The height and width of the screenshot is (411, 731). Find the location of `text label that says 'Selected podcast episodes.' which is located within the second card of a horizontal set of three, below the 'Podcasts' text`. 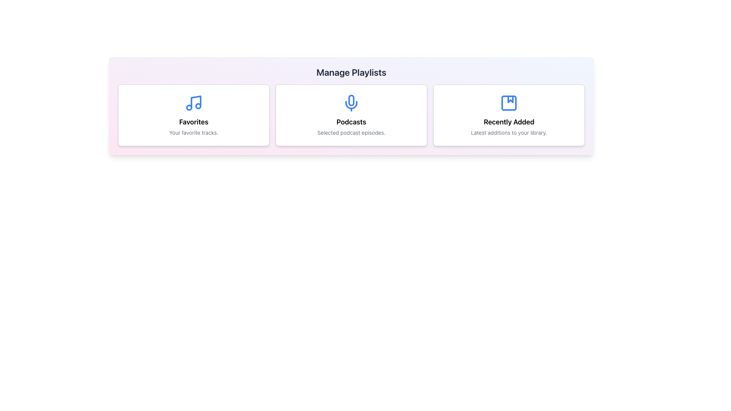

text label that says 'Selected podcast episodes.' which is located within the second card of a horizontal set of three, below the 'Podcasts' text is located at coordinates (351, 132).